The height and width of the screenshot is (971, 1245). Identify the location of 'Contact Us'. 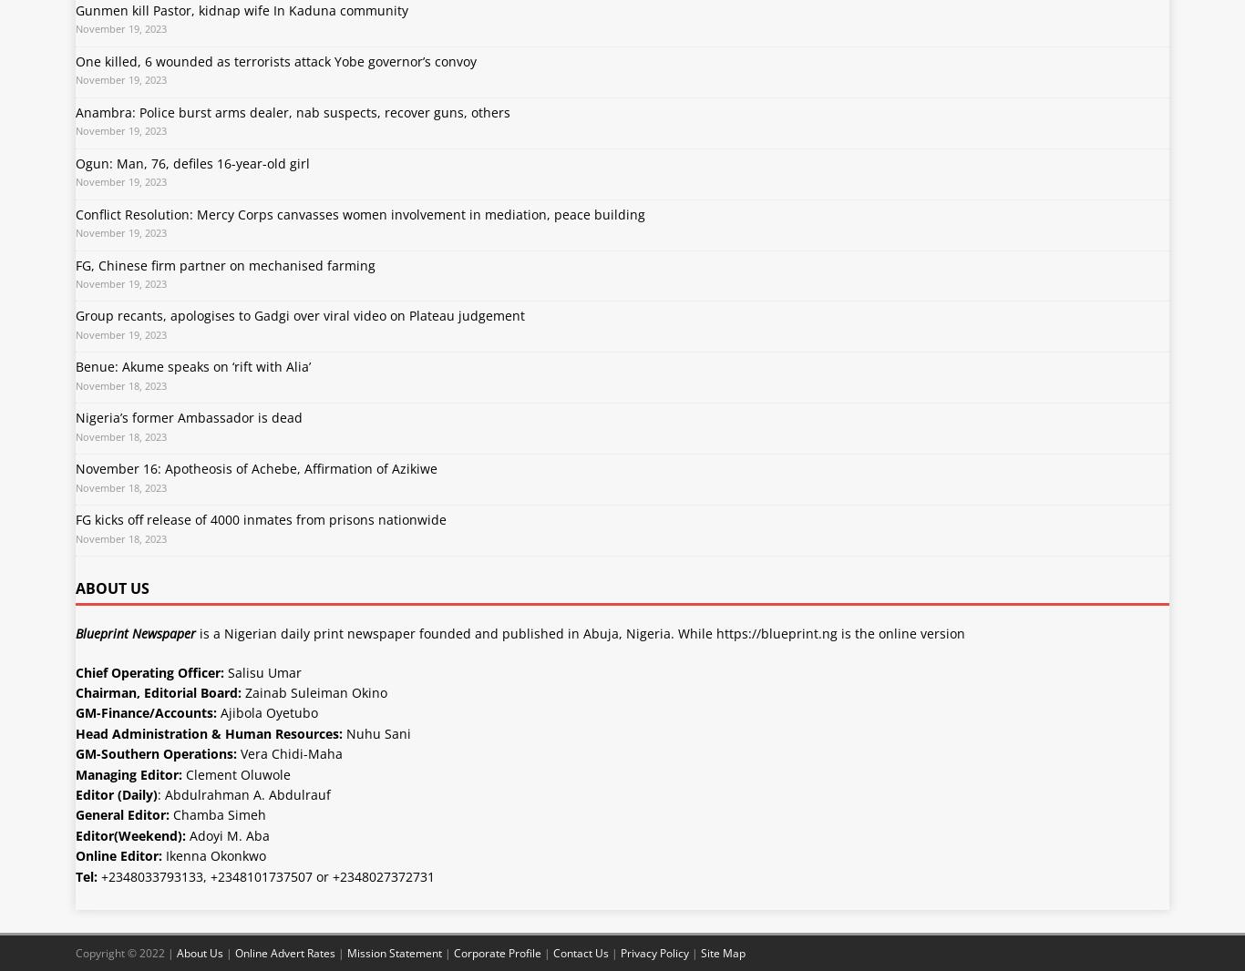
(580, 952).